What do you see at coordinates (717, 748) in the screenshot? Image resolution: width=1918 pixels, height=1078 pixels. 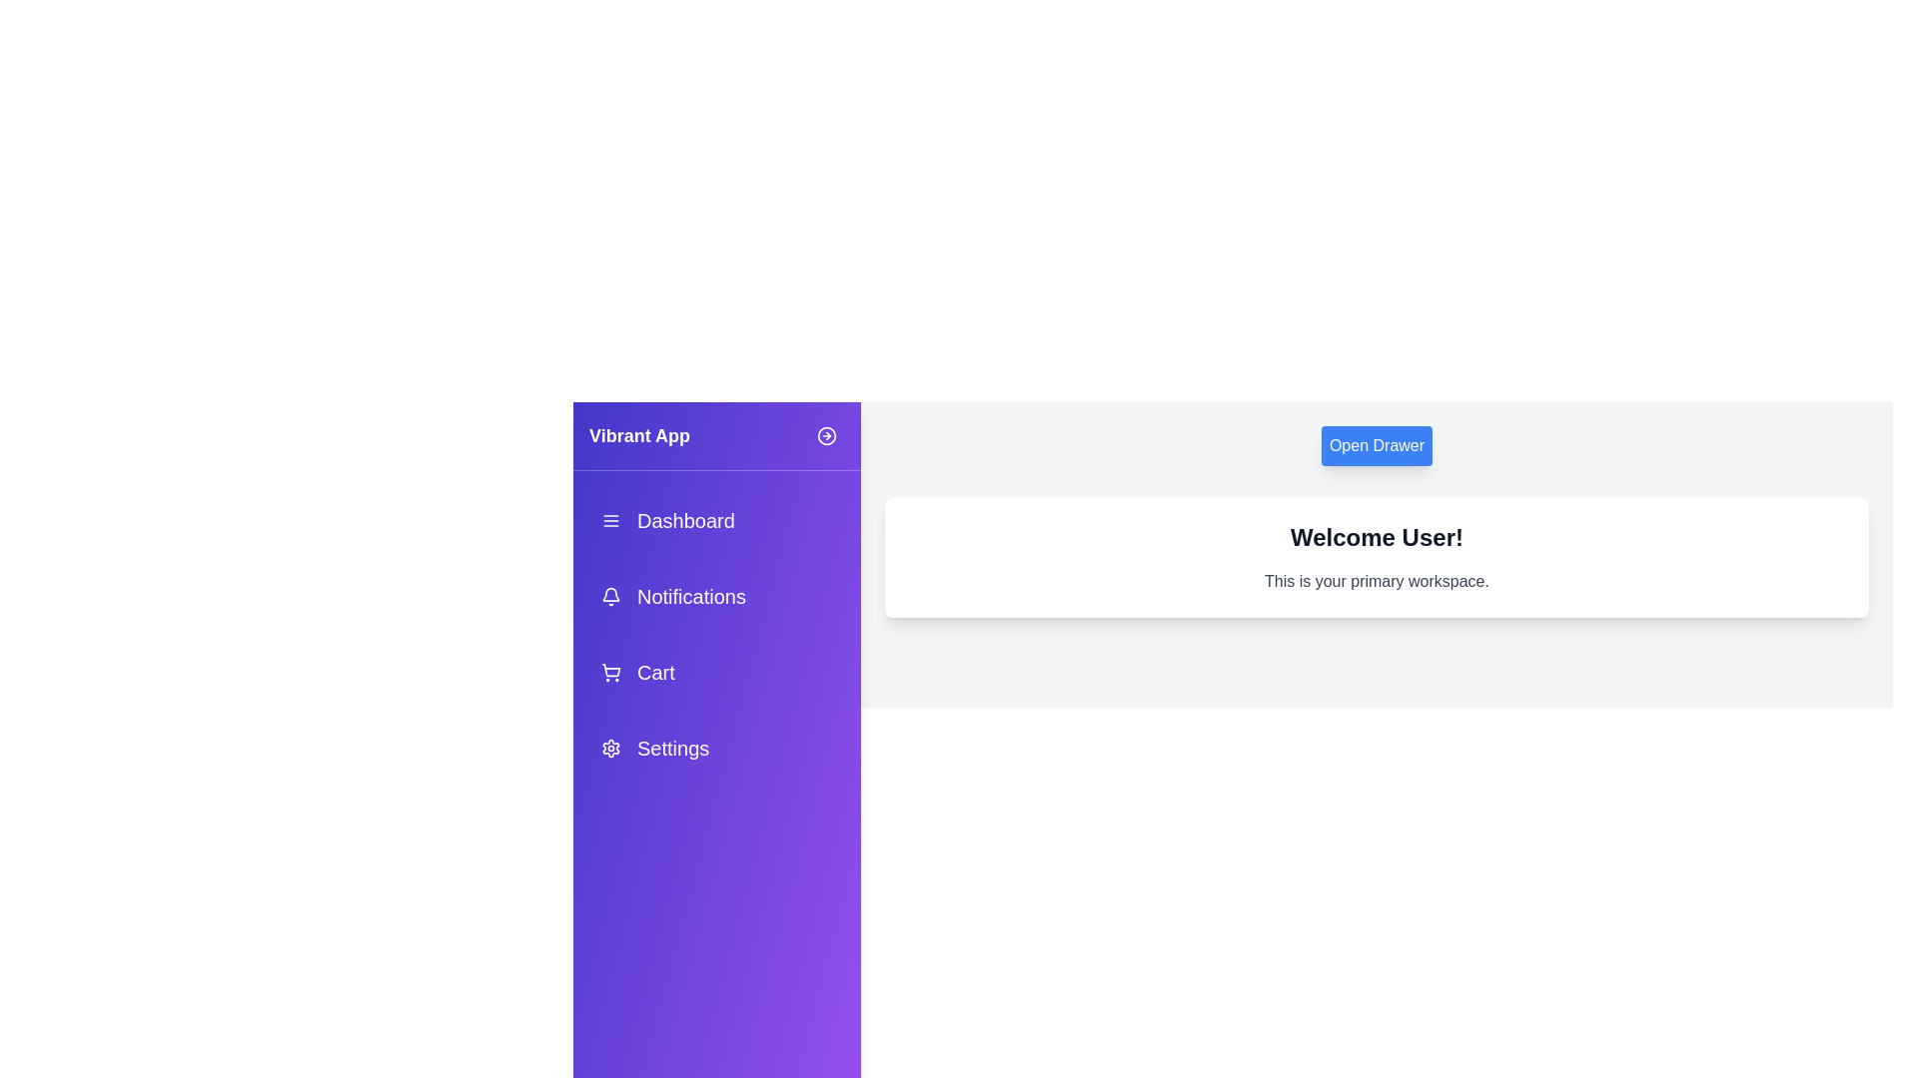 I see `the menu item Settings from the drawer` at bounding box center [717, 748].